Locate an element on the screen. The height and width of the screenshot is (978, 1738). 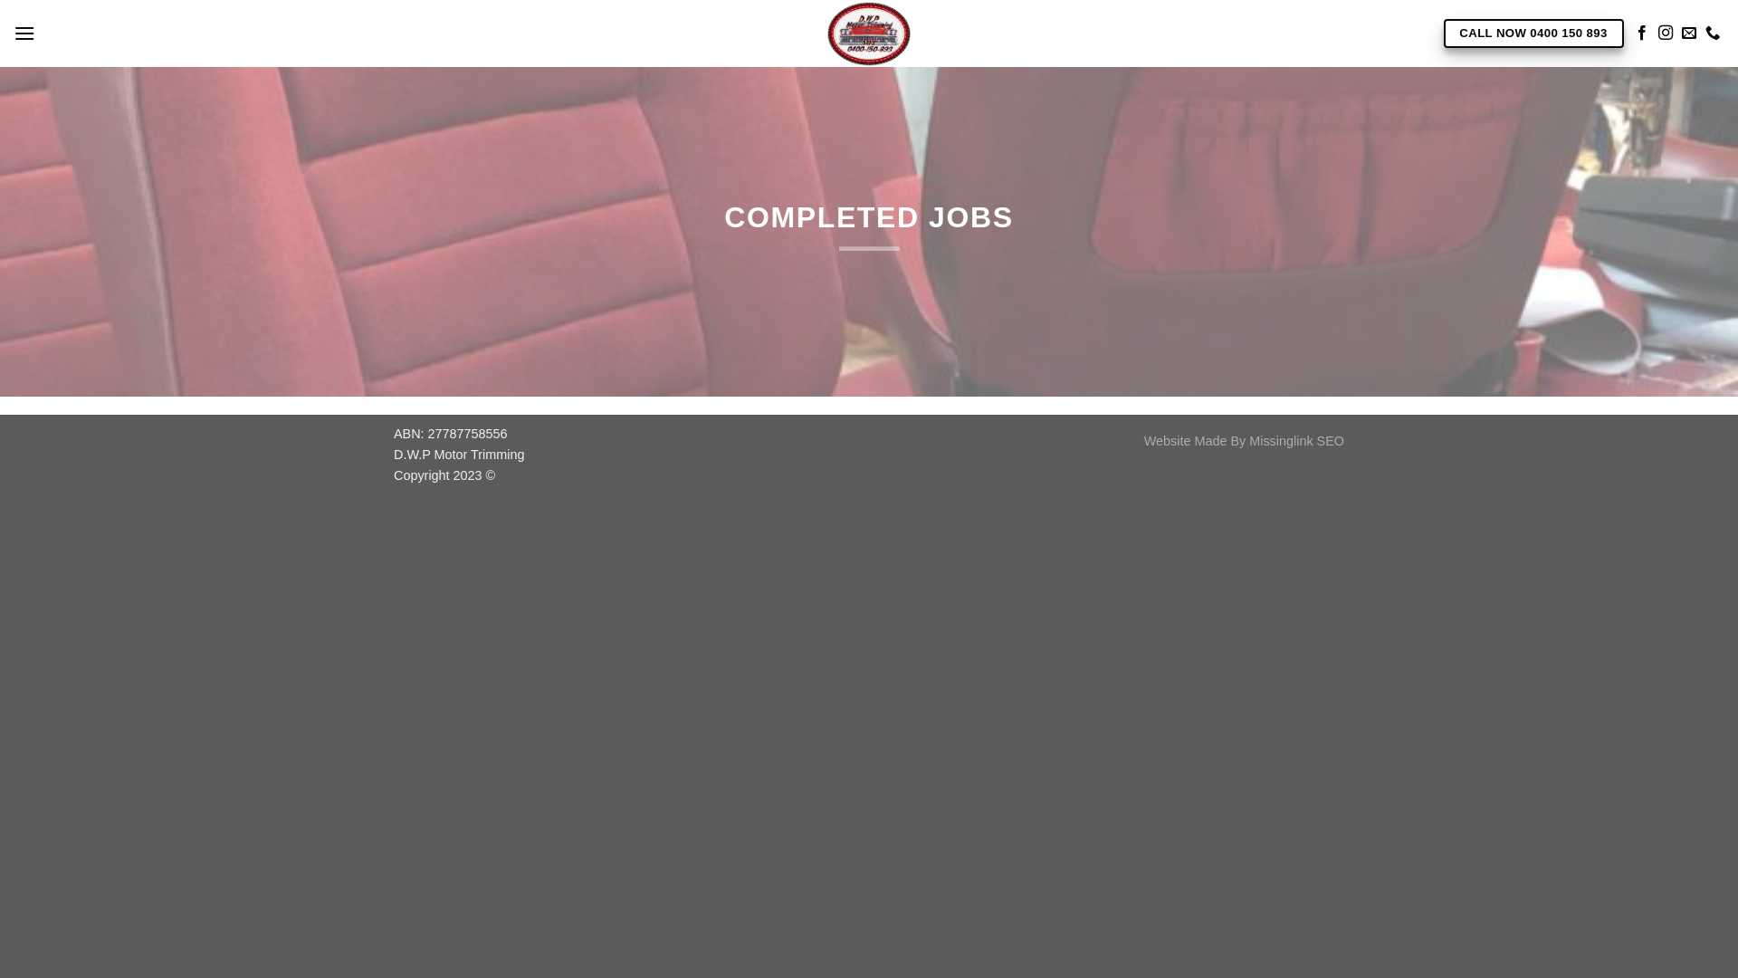
'CALL NOW 0400 150 893' is located at coordinates (1532, 34).